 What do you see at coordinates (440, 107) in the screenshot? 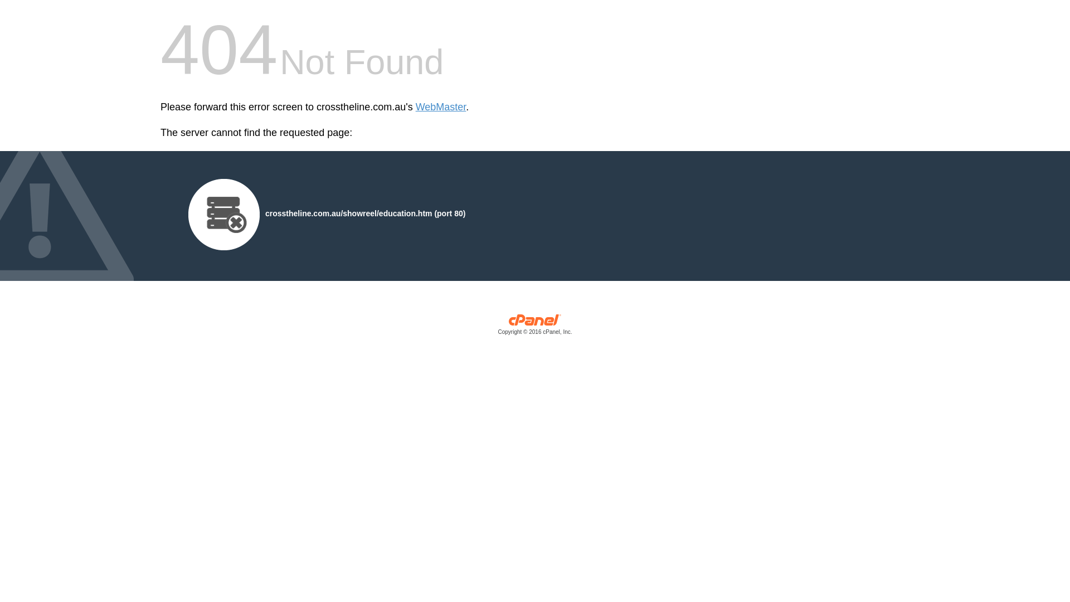
I see `'WebMaster'` at bounding box center [440, 107].